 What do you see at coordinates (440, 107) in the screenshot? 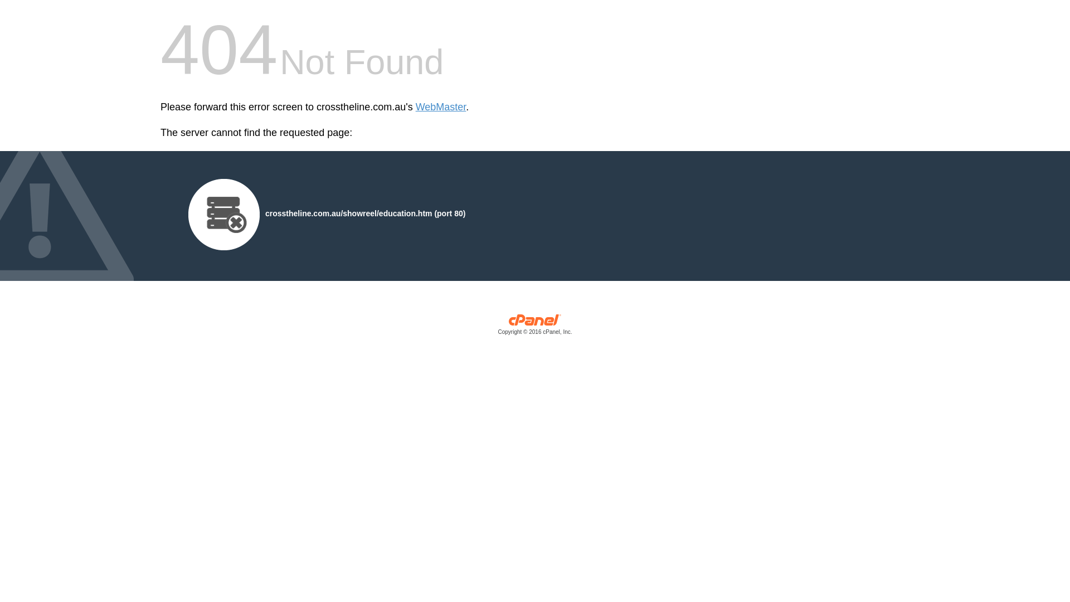
I see `'WebMaster'` at bounding box center [440, 107].